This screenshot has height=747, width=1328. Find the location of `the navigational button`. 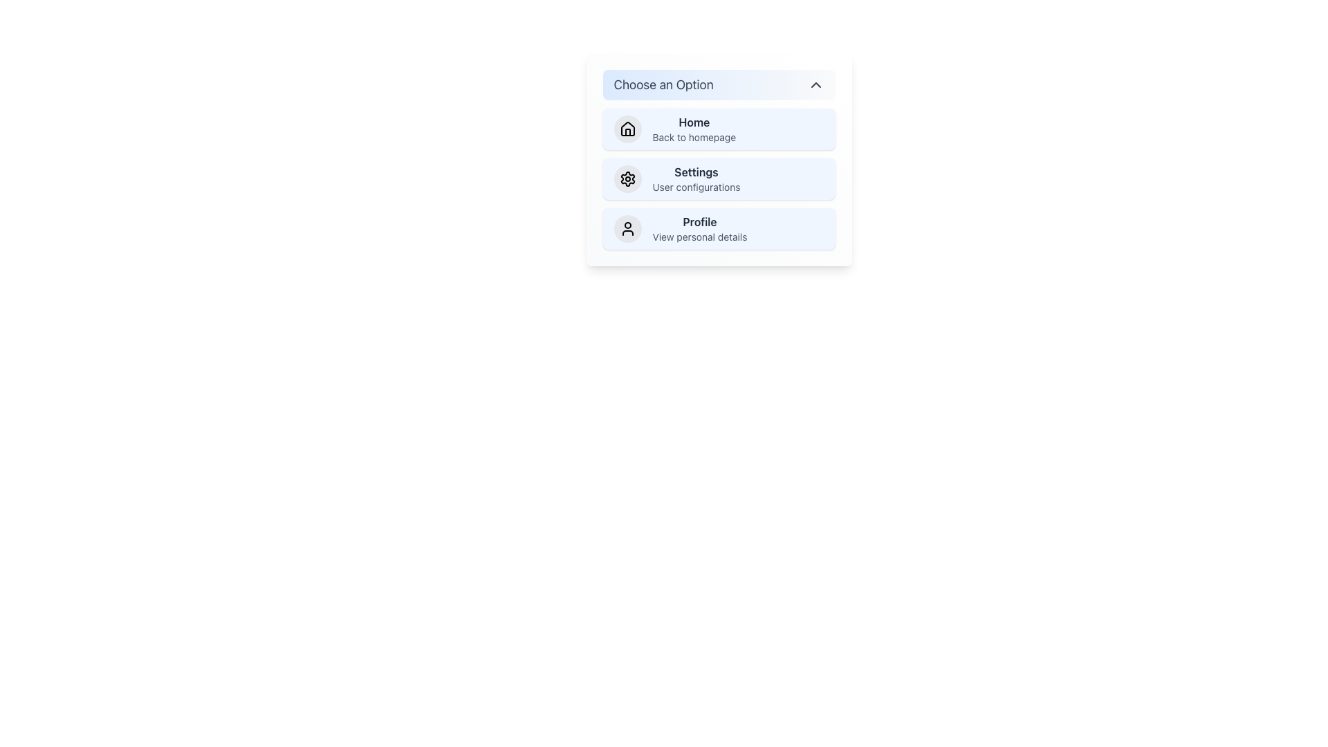

the navigational button is located at coordinates (719, 228).